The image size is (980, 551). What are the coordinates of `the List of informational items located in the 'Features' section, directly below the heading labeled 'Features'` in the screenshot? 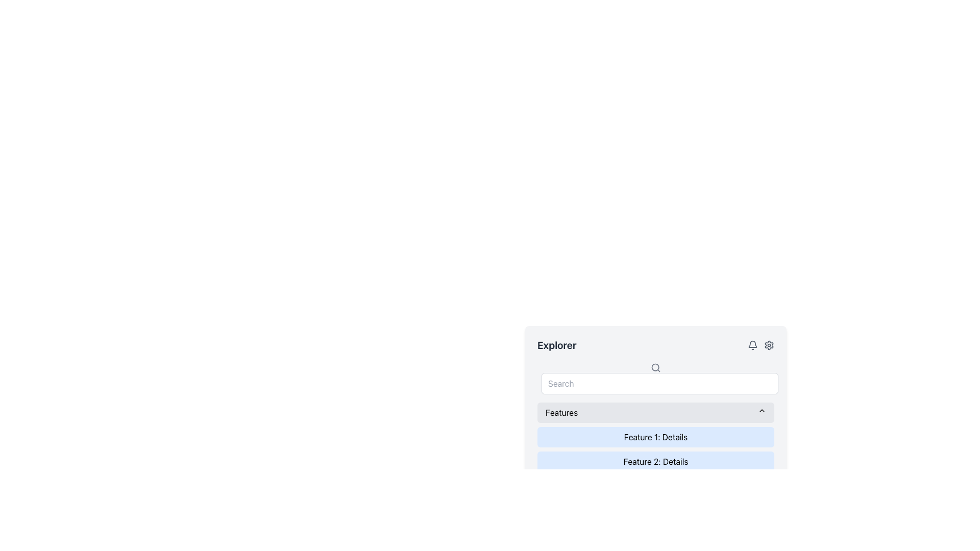 It's located at (656, 462).